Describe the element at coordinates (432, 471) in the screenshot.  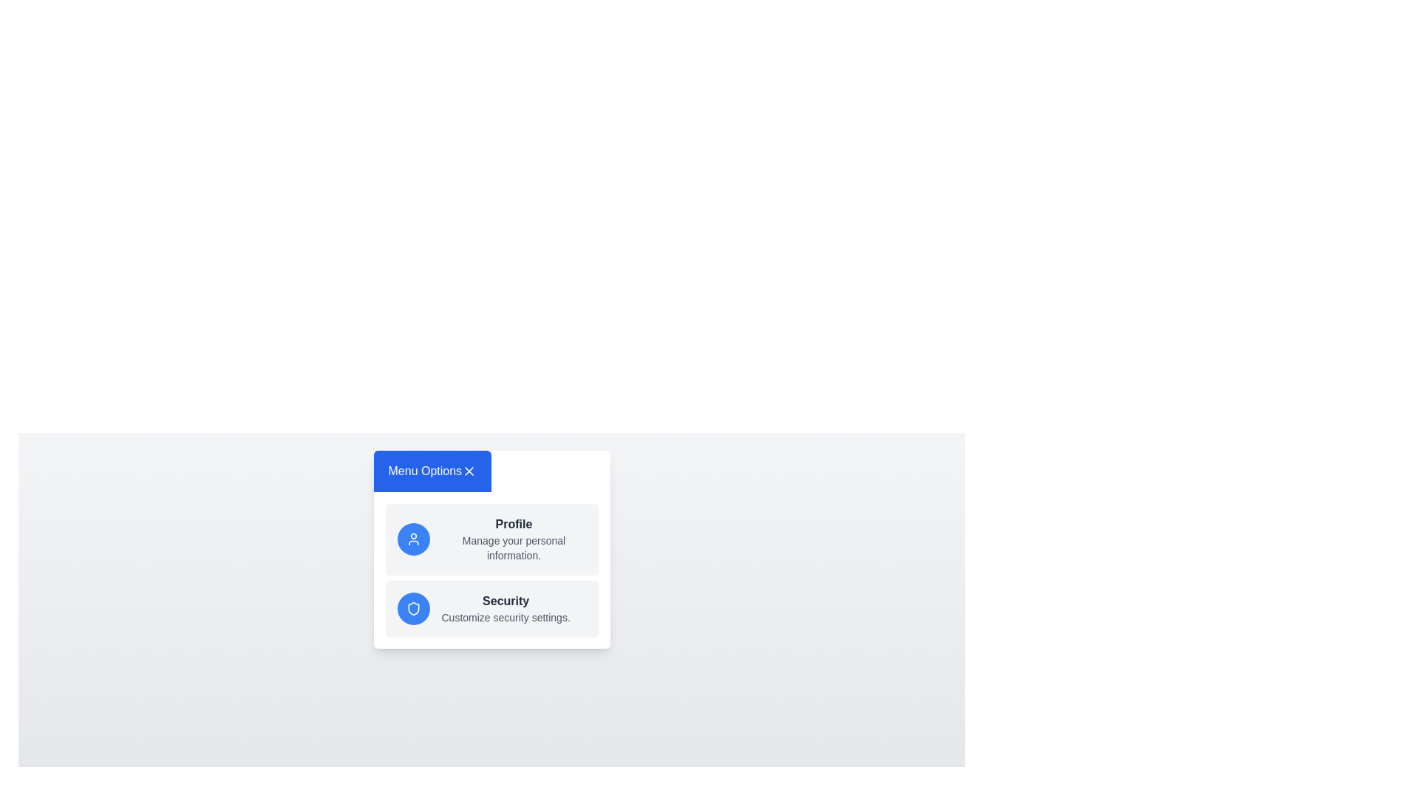
I see `the 'Menu Options' button to toggle the menu state` at that location.